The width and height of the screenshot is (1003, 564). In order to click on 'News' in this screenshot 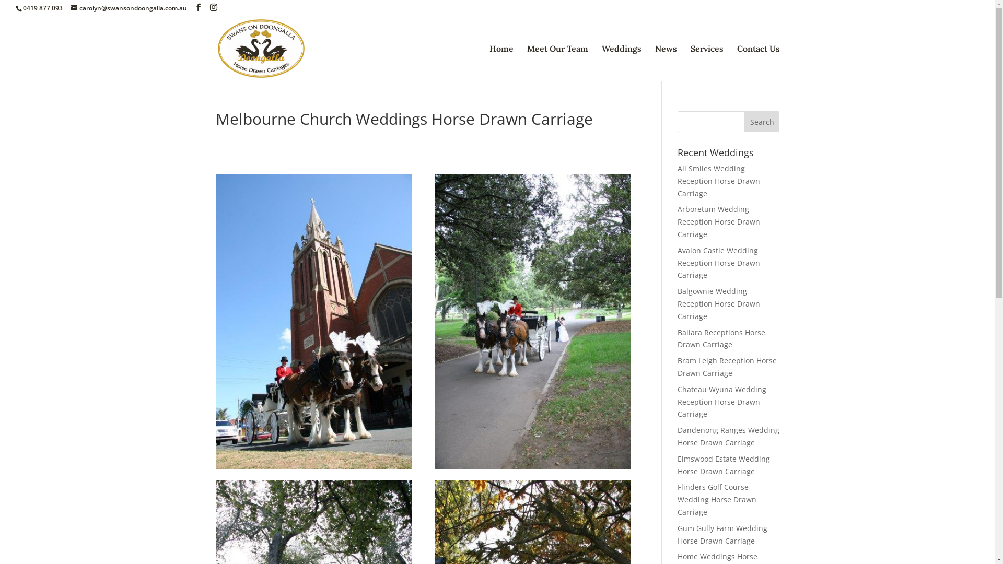, I will do `click(666, 63)`.